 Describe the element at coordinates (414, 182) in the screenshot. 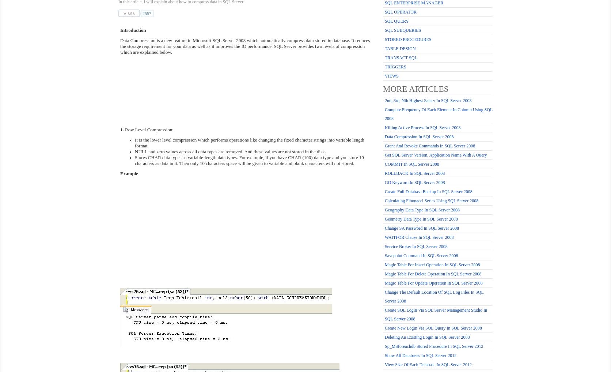

I see `'GO keyword in SQL Server 2008'` at that location.